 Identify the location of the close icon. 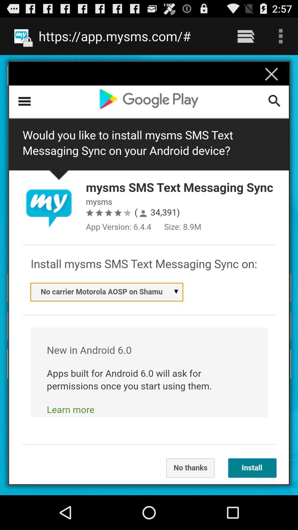
(271, 79).